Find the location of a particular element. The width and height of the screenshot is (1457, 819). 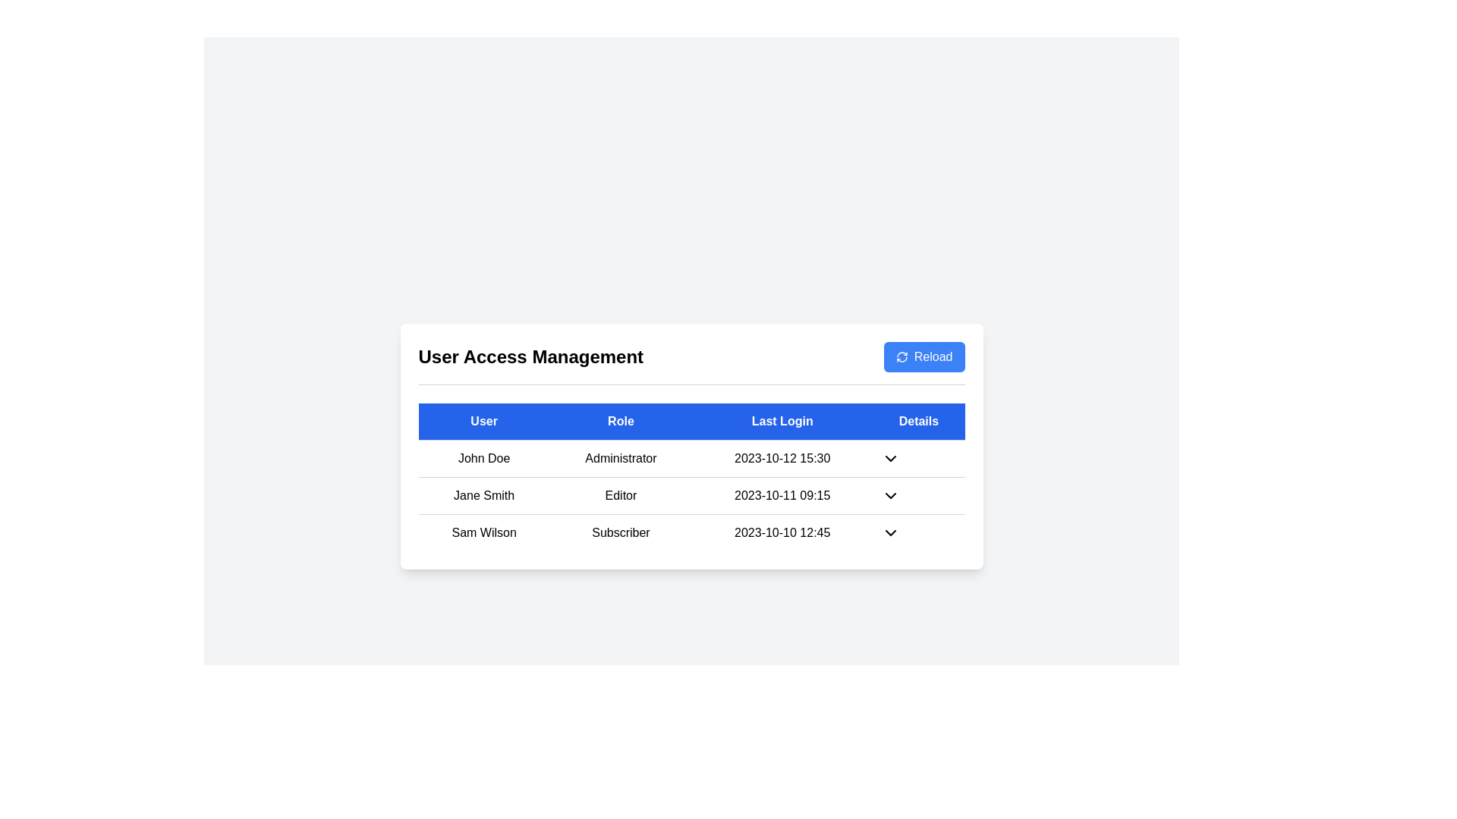

the chevron dropdown indicator icon in the 'Details' column of the table for the 'Sam Wilson' row is located at coordinates (891, 532).